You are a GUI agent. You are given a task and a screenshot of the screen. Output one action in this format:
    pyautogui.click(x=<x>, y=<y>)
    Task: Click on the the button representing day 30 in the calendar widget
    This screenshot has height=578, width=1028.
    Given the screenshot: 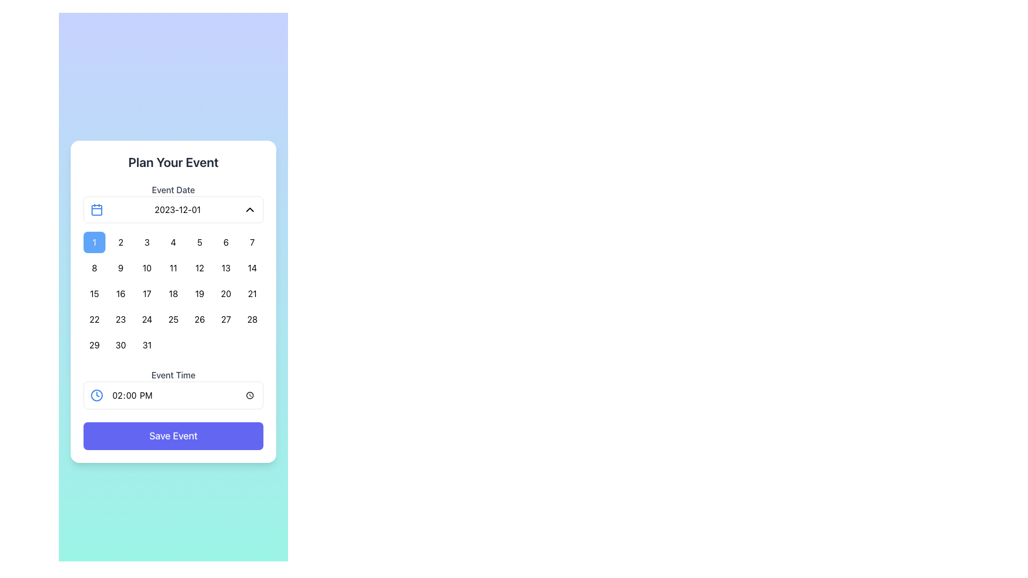 What is the action you would take?
    pyautogui.click(x=120, y=345)
    